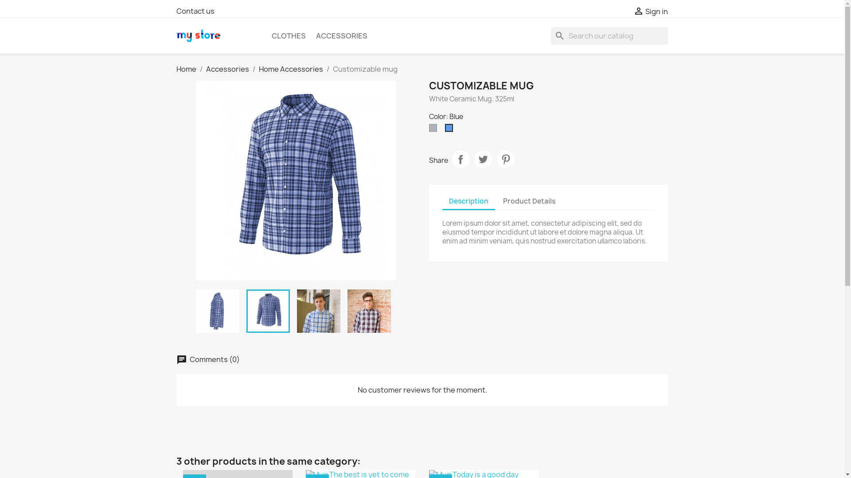 This screenshot has height=478, width=851. What do you see at coordinates (468, 201) in the screenshot?
I see `'Description'` at bounding box center [468, 201].